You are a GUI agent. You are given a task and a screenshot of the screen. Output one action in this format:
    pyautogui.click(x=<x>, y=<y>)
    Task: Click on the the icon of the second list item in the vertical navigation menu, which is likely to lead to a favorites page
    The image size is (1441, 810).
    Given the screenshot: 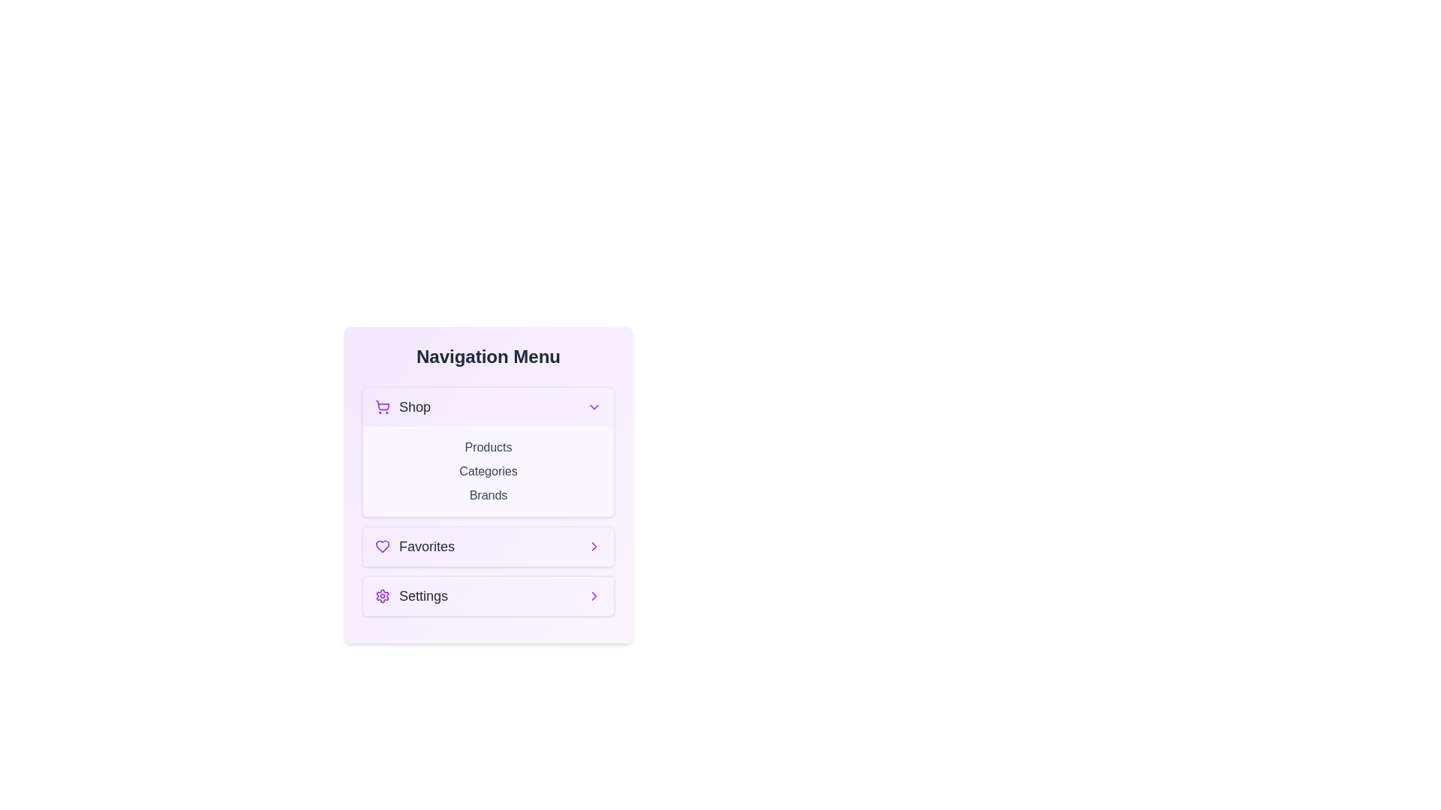 What is the action you would take?
    pyautogui.click(x=414, y=547)
    